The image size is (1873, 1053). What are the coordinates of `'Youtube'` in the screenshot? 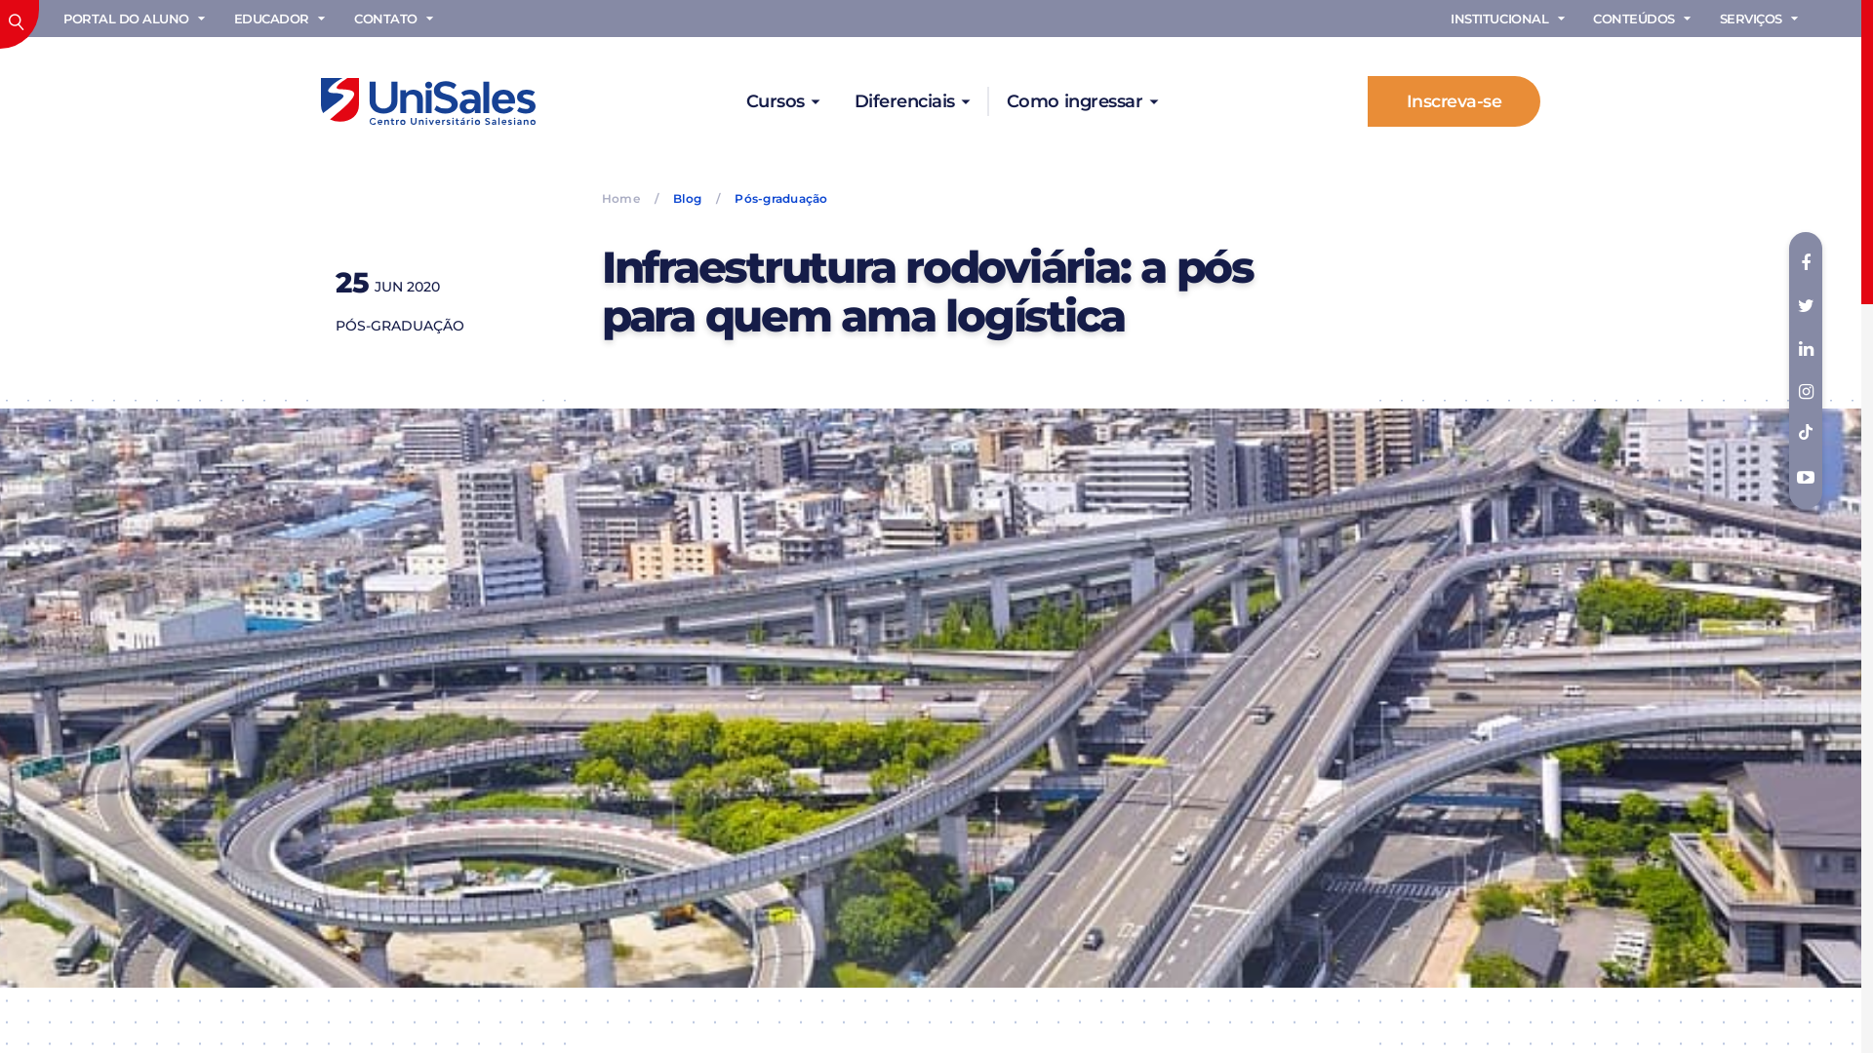 It's located at (1788, 477).